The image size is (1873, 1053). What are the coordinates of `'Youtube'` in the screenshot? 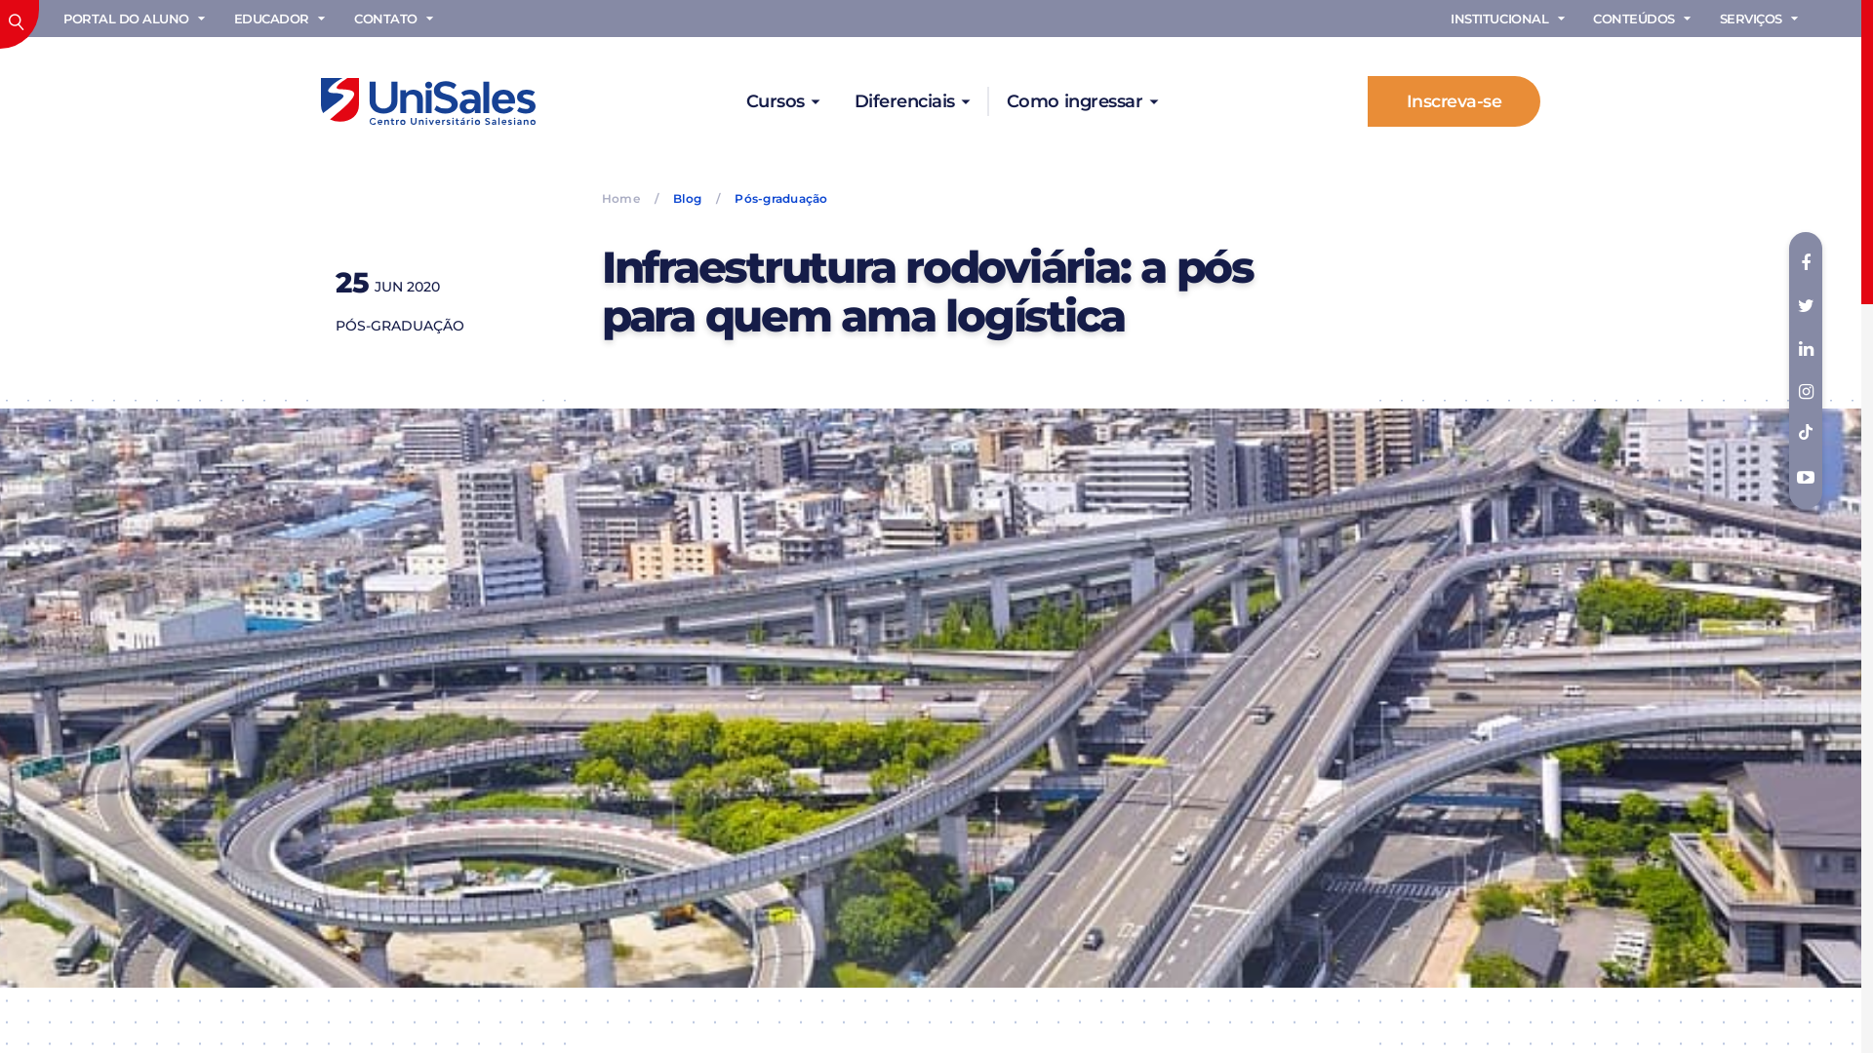 It's located at (1788, 477).